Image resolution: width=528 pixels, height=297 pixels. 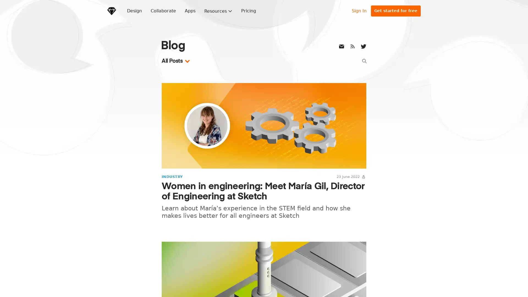 What do you see at coordinates (176, 61) in the screenshot?
I see `All Posts` at bounding box center [176, 61].